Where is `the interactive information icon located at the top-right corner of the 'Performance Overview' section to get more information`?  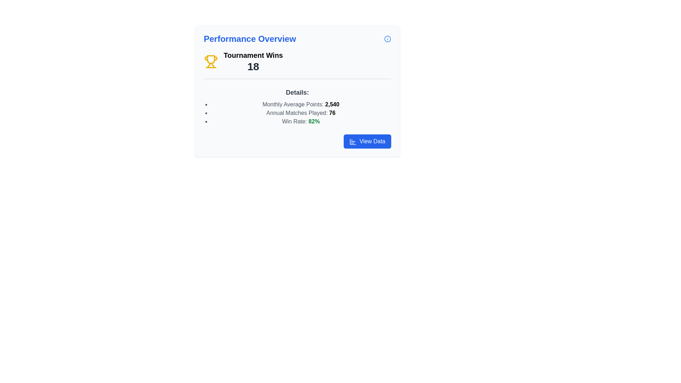
the interactive information icon located at the top-right corner of the 'Performance Overview' section to get more information is located at coordinates (387, 39).